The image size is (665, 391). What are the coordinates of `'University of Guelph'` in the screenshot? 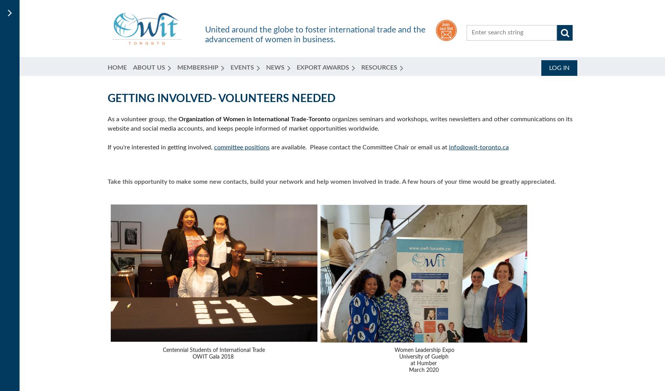 It's located at (423, 357).